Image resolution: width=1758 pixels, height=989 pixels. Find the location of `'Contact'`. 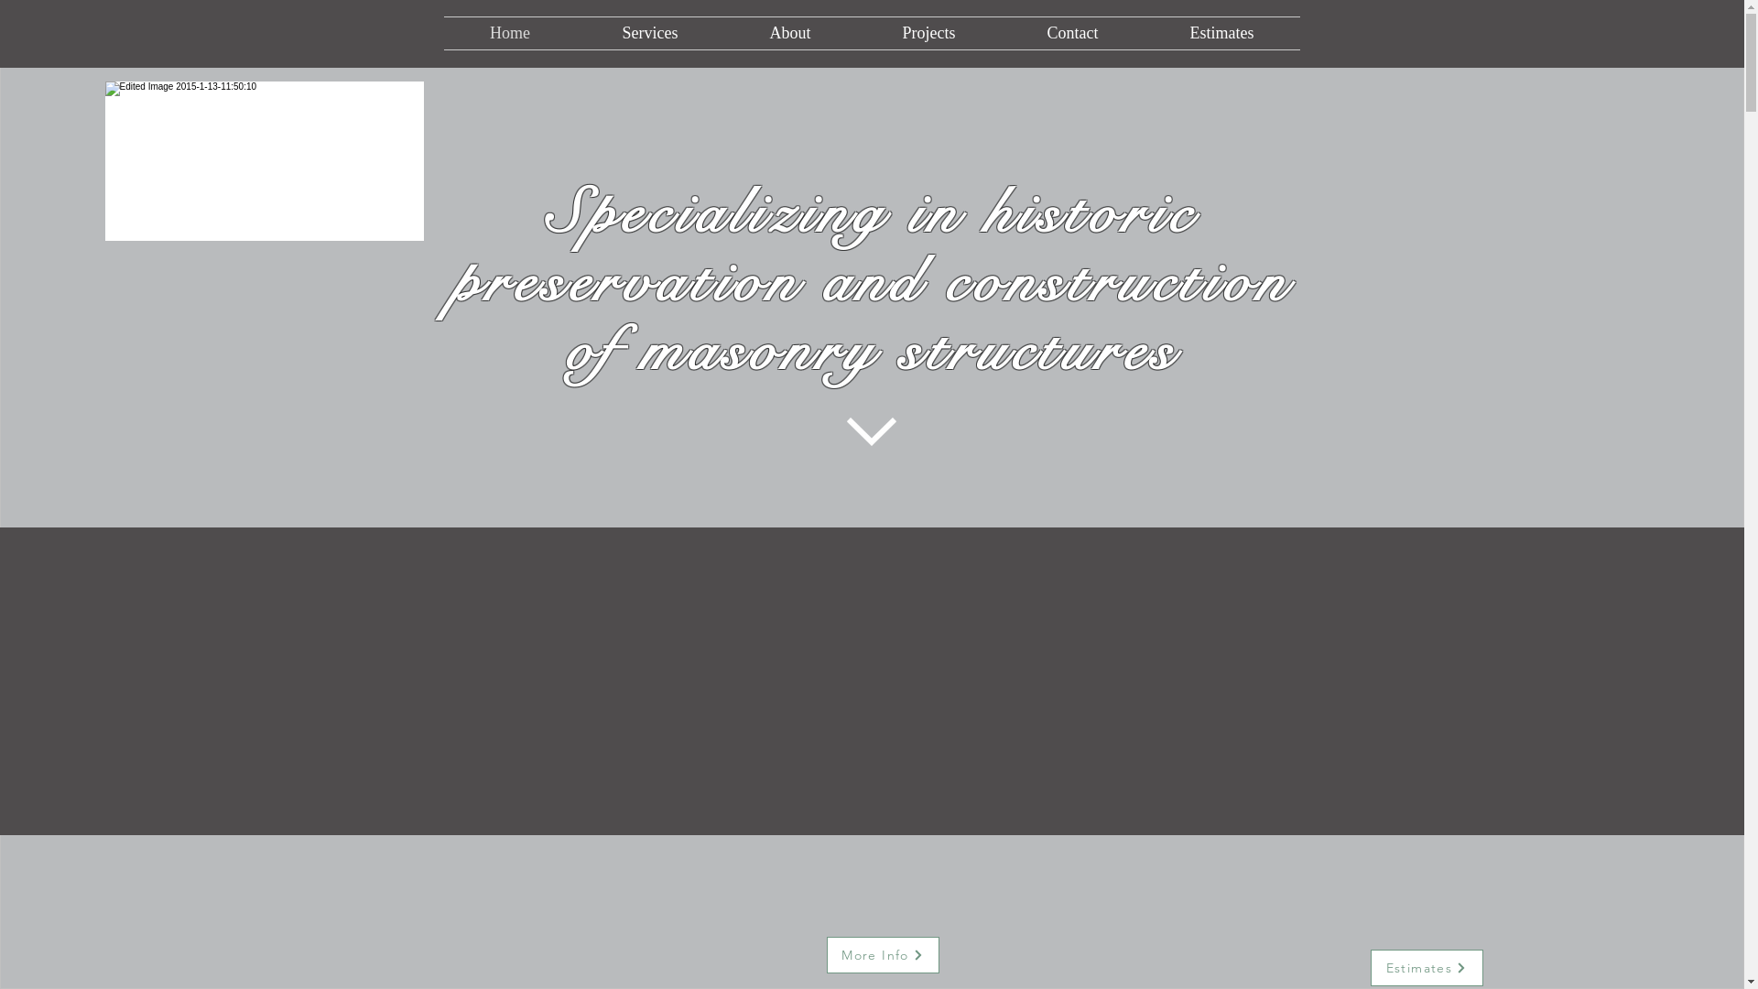

'Contact' is located at coordinates (1072, 33).